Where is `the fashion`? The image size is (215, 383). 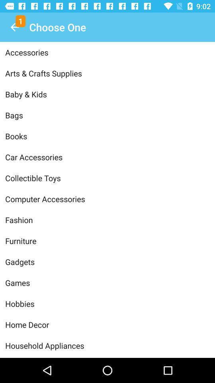 the fashion is located at coordinates (107, 220).